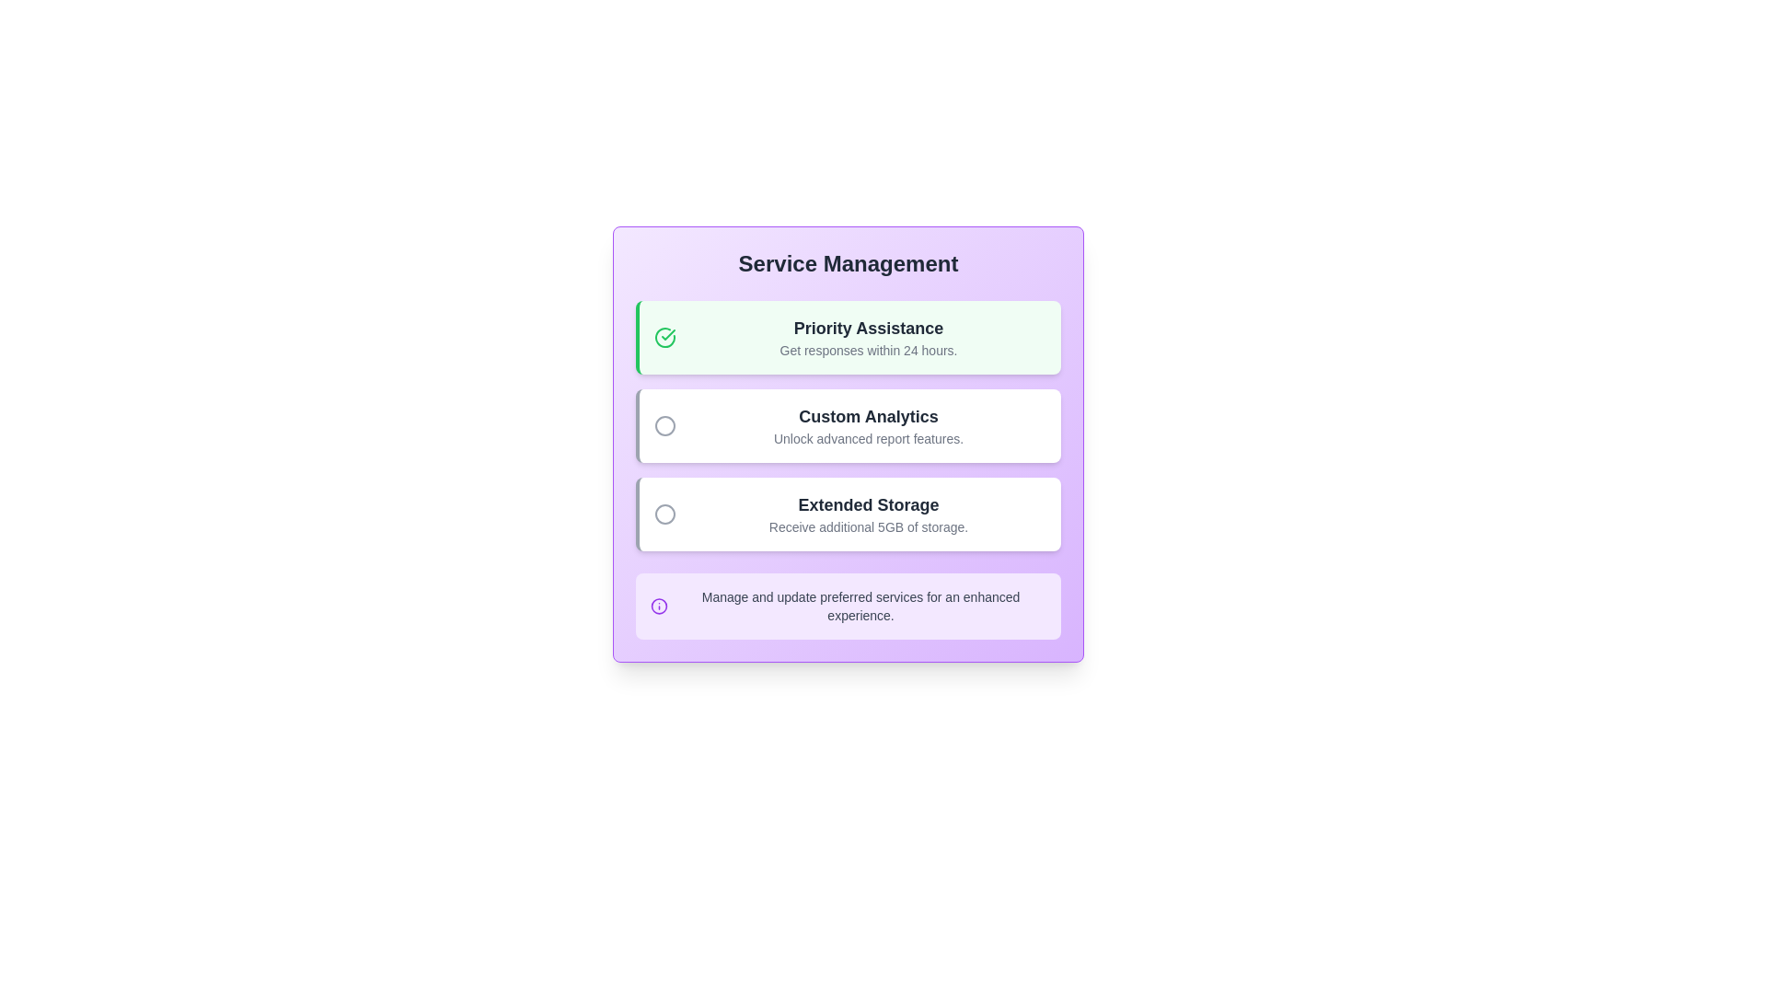  I want to click on the SVG Circle element indicating 'Extended Storage', which is the third icon in a vertical list of options, so click(664, 514).